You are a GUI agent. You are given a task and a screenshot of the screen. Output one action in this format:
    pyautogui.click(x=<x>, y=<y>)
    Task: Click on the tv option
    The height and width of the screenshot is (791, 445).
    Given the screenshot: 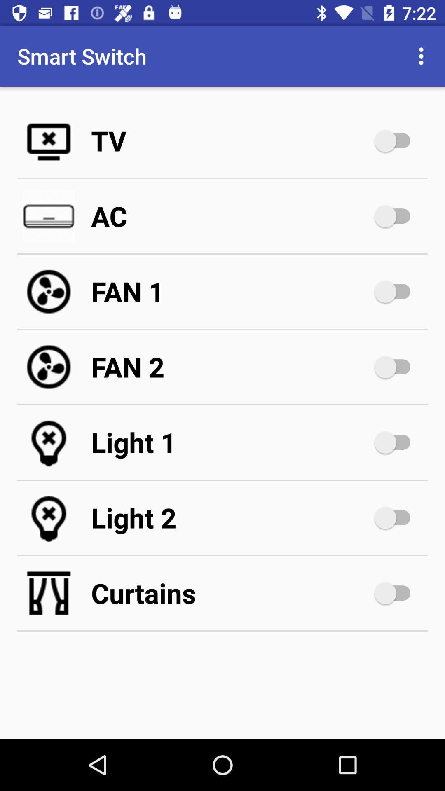 What is the action you would take?
    pyautogui.click(x=396, y=140)
    